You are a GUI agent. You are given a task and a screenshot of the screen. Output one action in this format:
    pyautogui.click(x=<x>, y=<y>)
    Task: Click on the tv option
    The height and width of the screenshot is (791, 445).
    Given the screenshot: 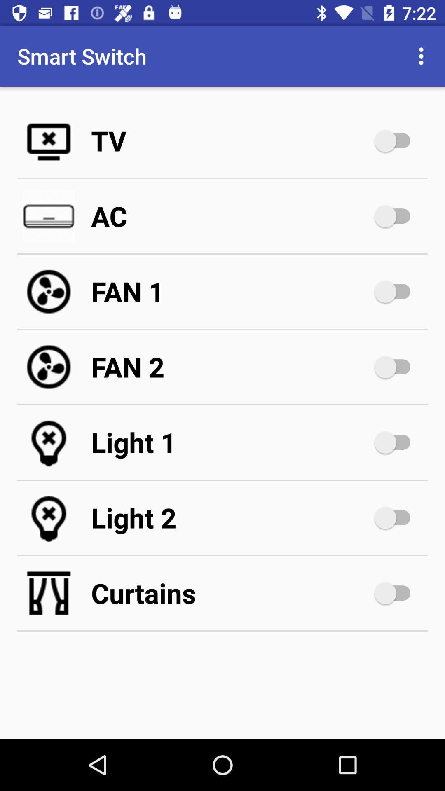 What is the action you would take?
    pyautogui.click(x=396, y=140)
    